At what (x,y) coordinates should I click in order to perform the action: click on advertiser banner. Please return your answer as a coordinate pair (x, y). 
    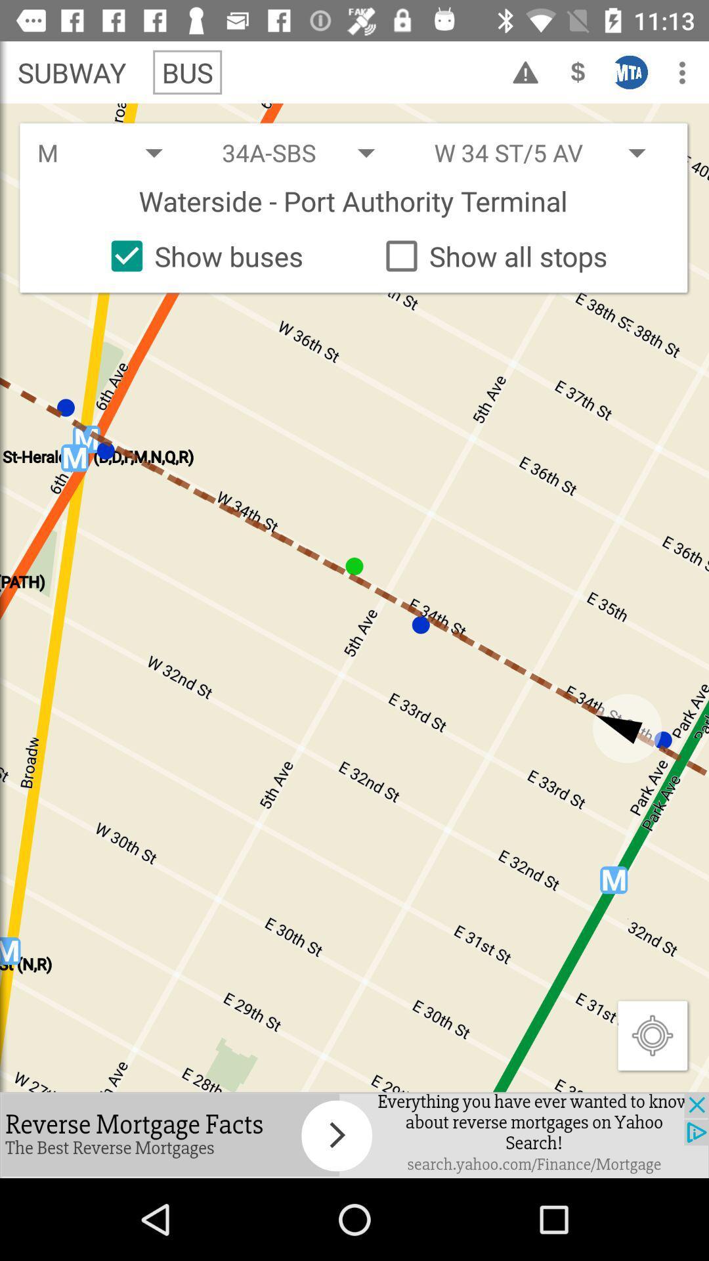
    Looking at the image, I should click on (354, 1134).